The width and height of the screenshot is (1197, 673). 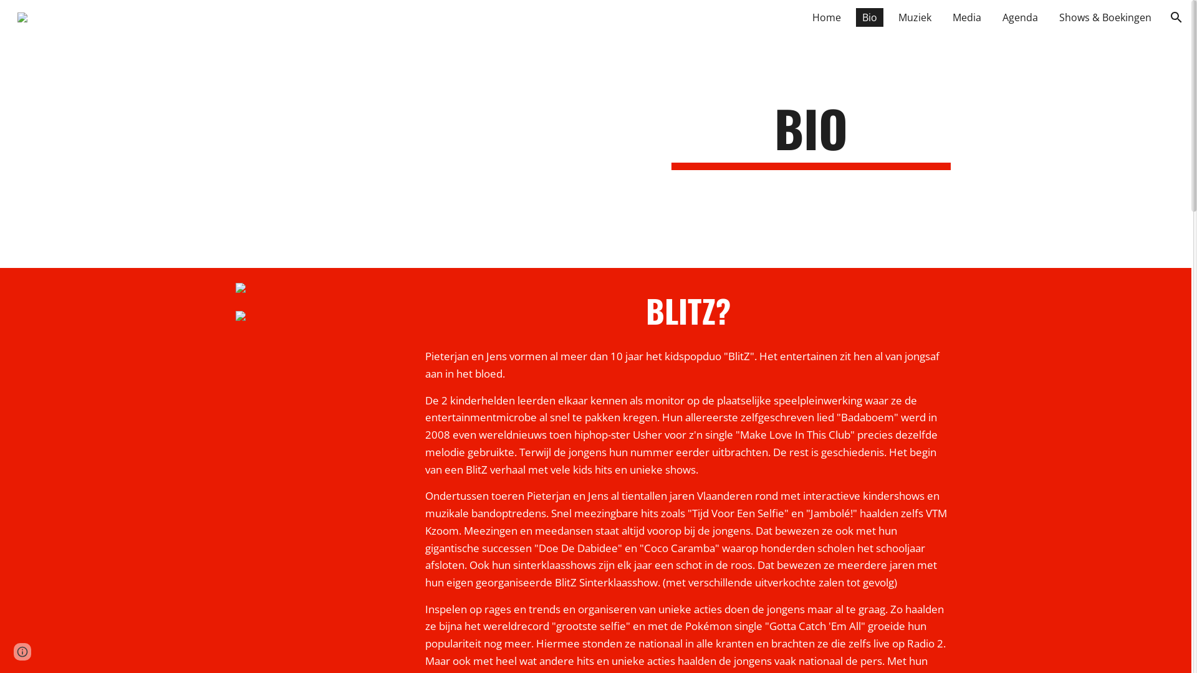 What do you see at coordinates (1105, 17) in the screenshot?
I see `'Shows & Boekingen'` at bounding box center [1105, 17].